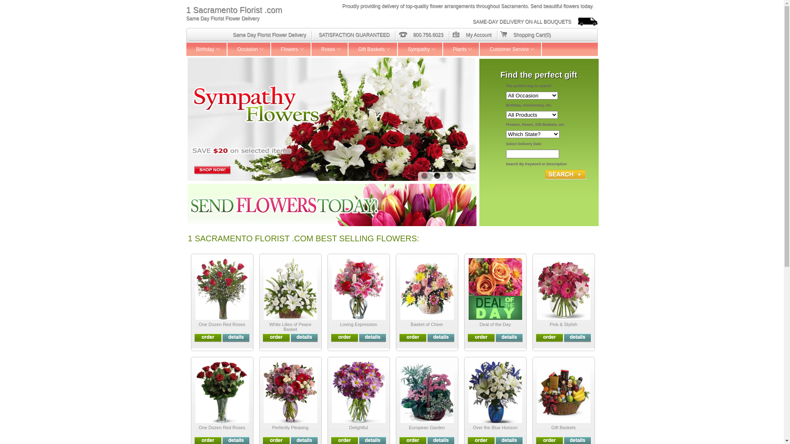 The image size is (790, 444). Describe the element at coordinates (420, 49) in the screenshot. I see `'Sympathy'` at that location.